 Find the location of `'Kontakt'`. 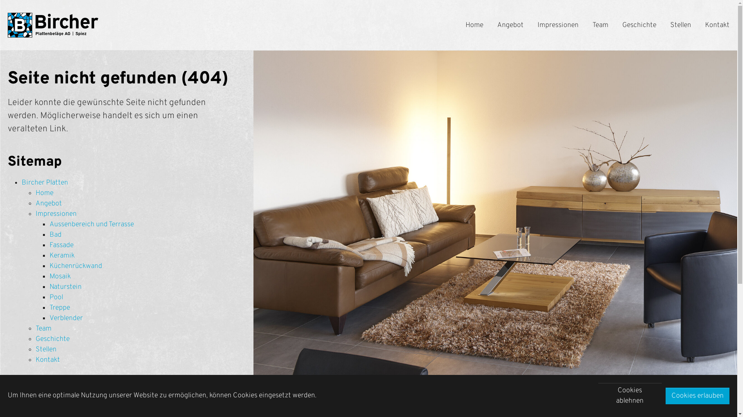

'Kontakt' is located at coordinates (717, 24).